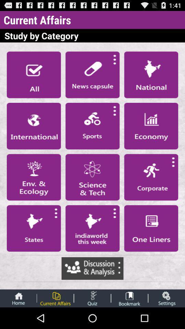 The height and width of the screenshot is (329, 185). I want to click on app category icon, so click(33, 228).